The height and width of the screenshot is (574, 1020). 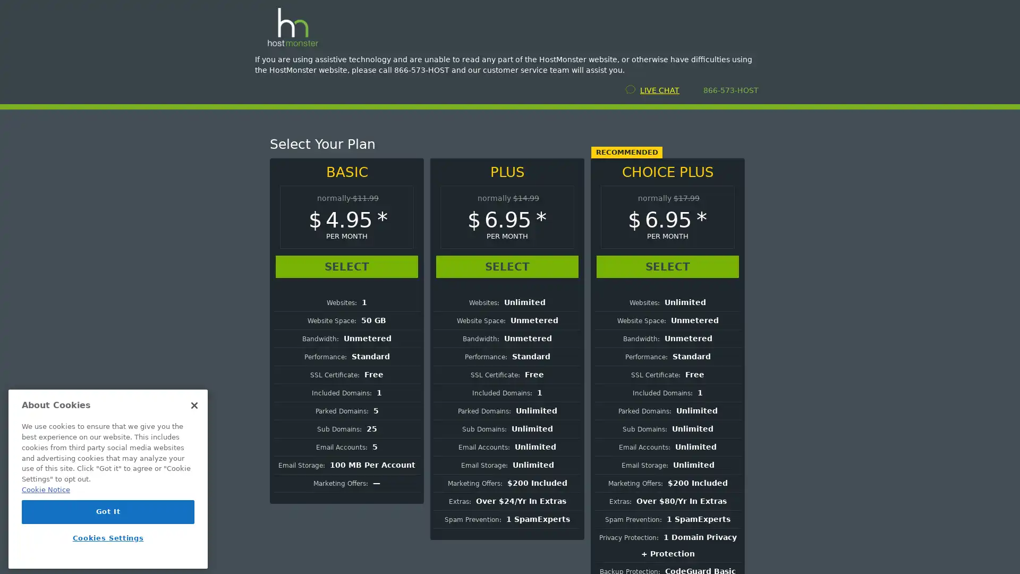 What do you see at coordinates (507, 349) in the screenshot?
I see `PLUS normally $14.99 $6.95 * PER MONTH SELECT Websites: Unlimited Website Space: Unmetered Bandwidth: Unmetered Performance: Standard SSL Certificate: Free Included Domains: 1 Parked Domains: Unlimited Sub Domains: Unlimited Email Accounts: Unlimited Email Storage: Unlimited Marketing Offers: $200 Included` at bounding box center [507, 349].